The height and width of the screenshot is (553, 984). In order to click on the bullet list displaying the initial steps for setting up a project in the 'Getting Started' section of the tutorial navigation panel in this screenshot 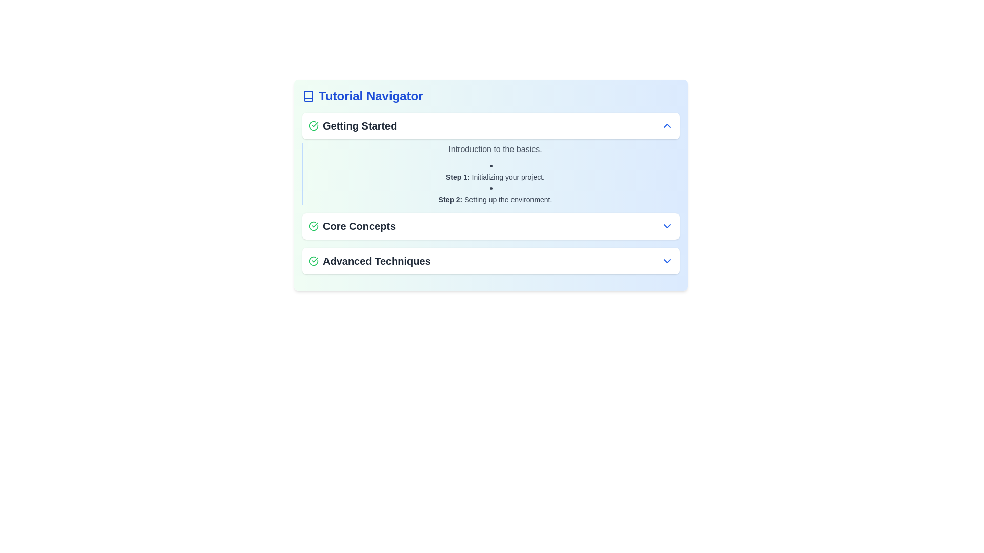, I will do `click(495, 181)`.